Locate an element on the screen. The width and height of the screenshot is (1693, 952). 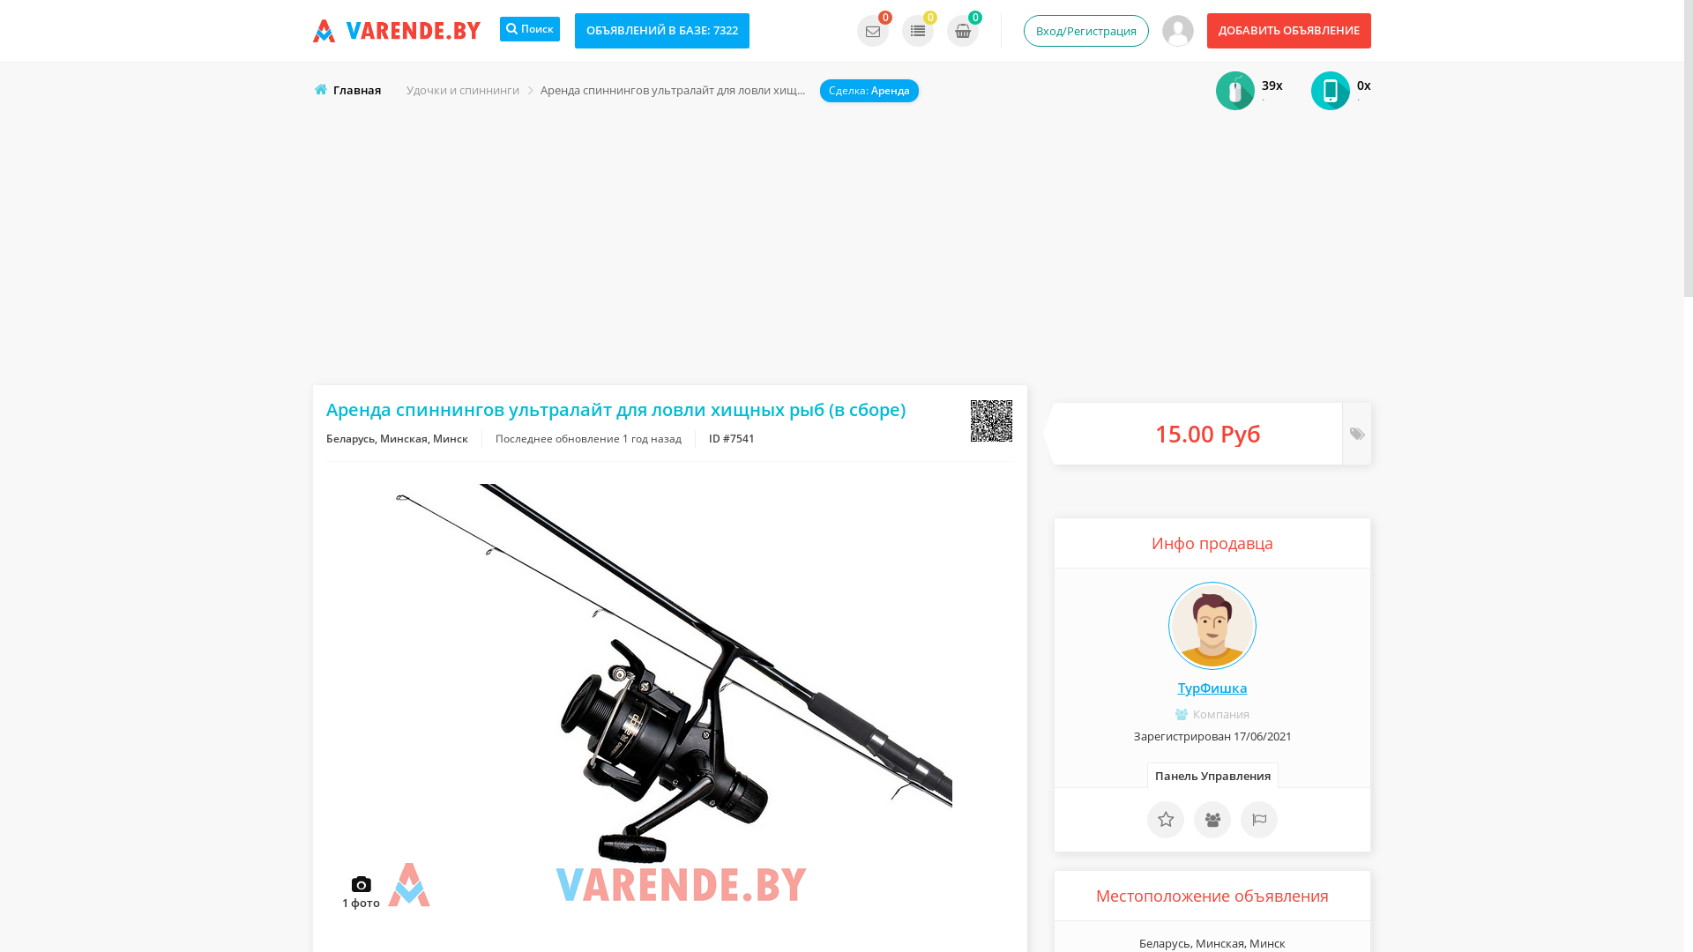
'0' is located at coordinates (872, 30).